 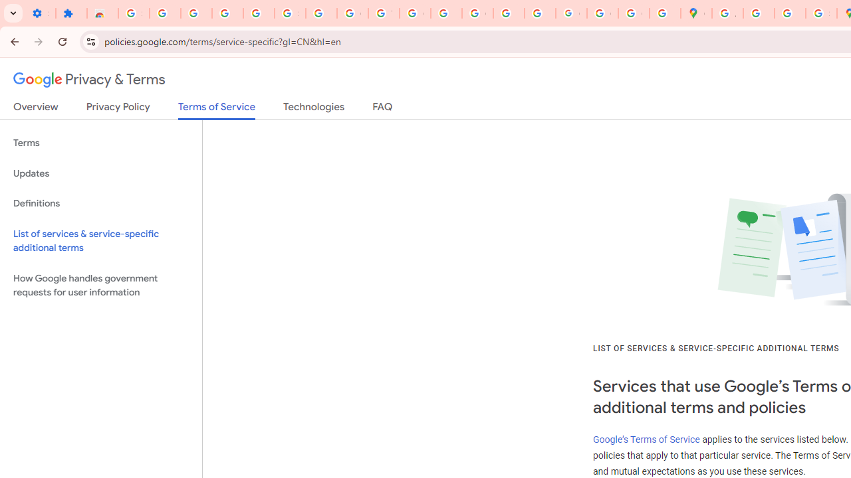 I want to click on 'Google Maps', so click(x=695, y=13).